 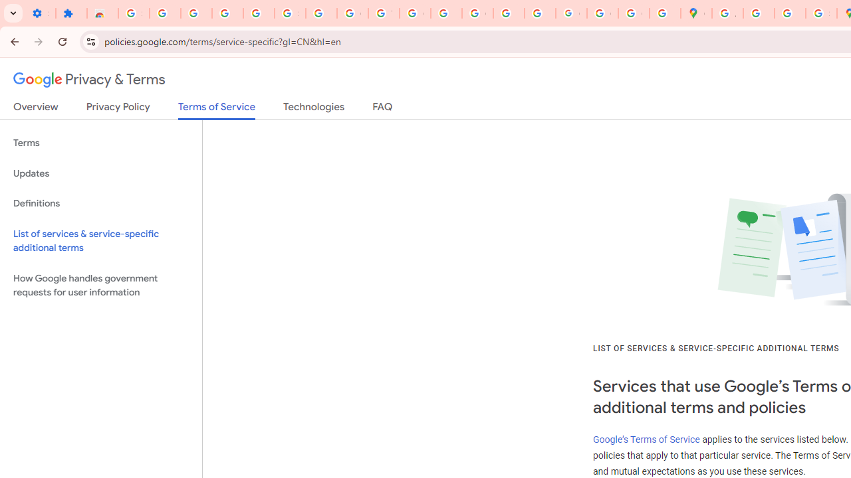 I want to click on 'Google Maps', so click(x=695, y=13).